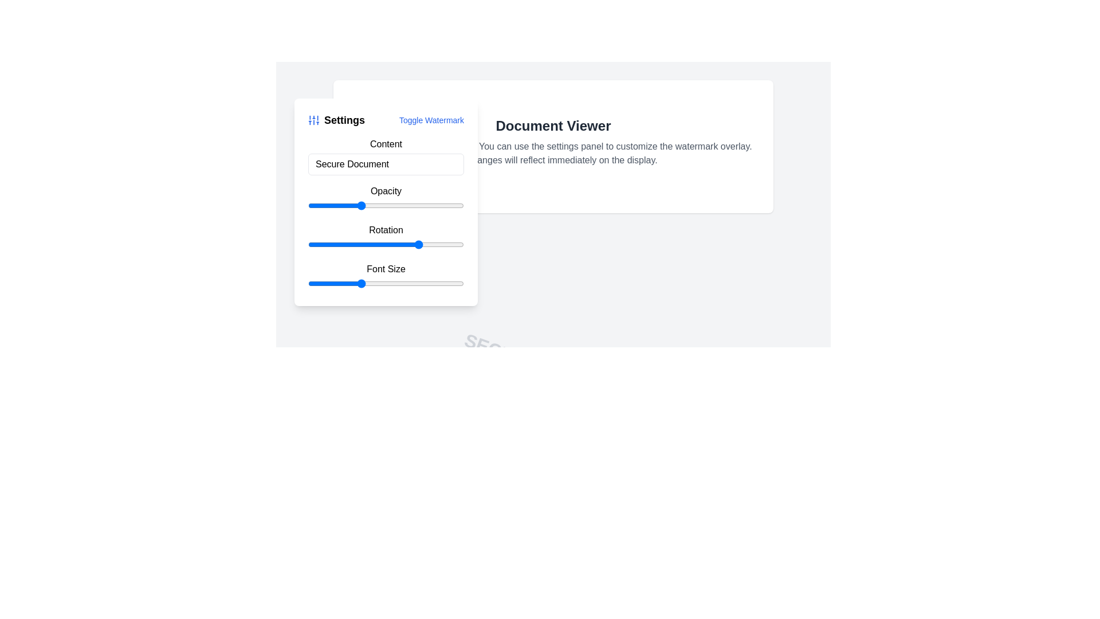 Image resolution: width=1100 pixels, height=619 pixels. Describe the element at coordinates (447, 244) in the screenshot. I see `the rotation value` at that location.